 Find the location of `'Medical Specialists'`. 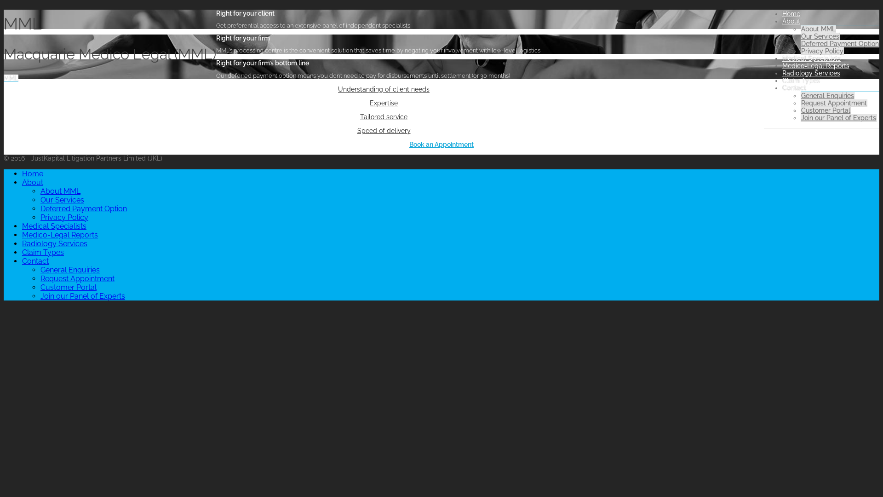

'Medical Specialists' is located at coordinates (54, 226).